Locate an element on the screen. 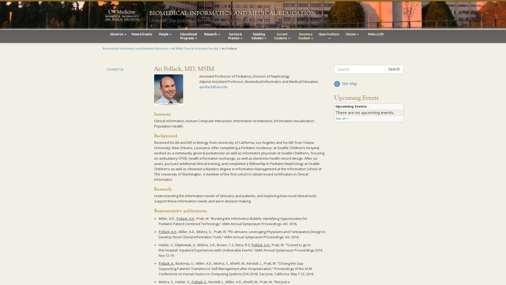 The height and width of the screenshot is (285, 506). Search is located at coordinates (394, 69).